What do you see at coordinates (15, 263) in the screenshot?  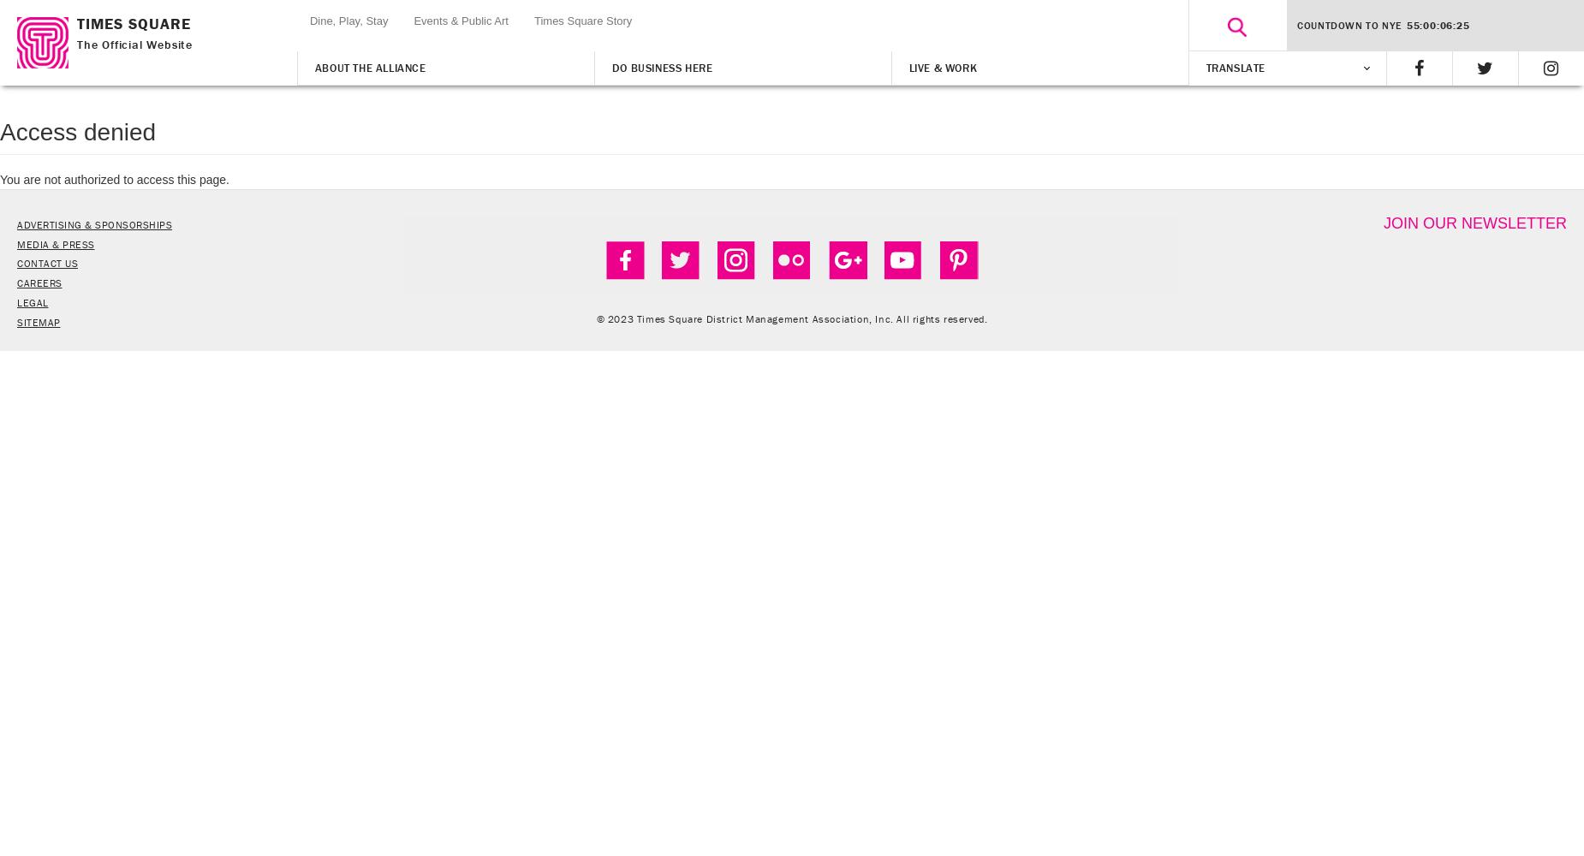 I see `'CONTACT US'` at bounding box center [15, 263].